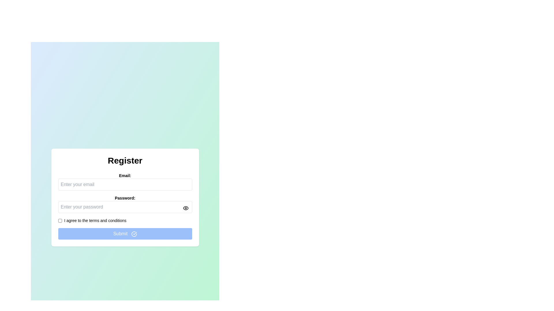 This screenshot has width=554, height=311. What do you see at coordinates (186, 208) in the screenshot?
I see `the center of the eye outline icon next to the password input field` at bounding box center [186, 208].